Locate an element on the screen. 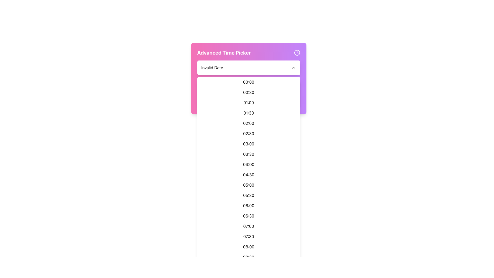 The width and height of the screenshot is (494, 278). the List Item displaying the time '03:30' is located at coordinates (249, 154).